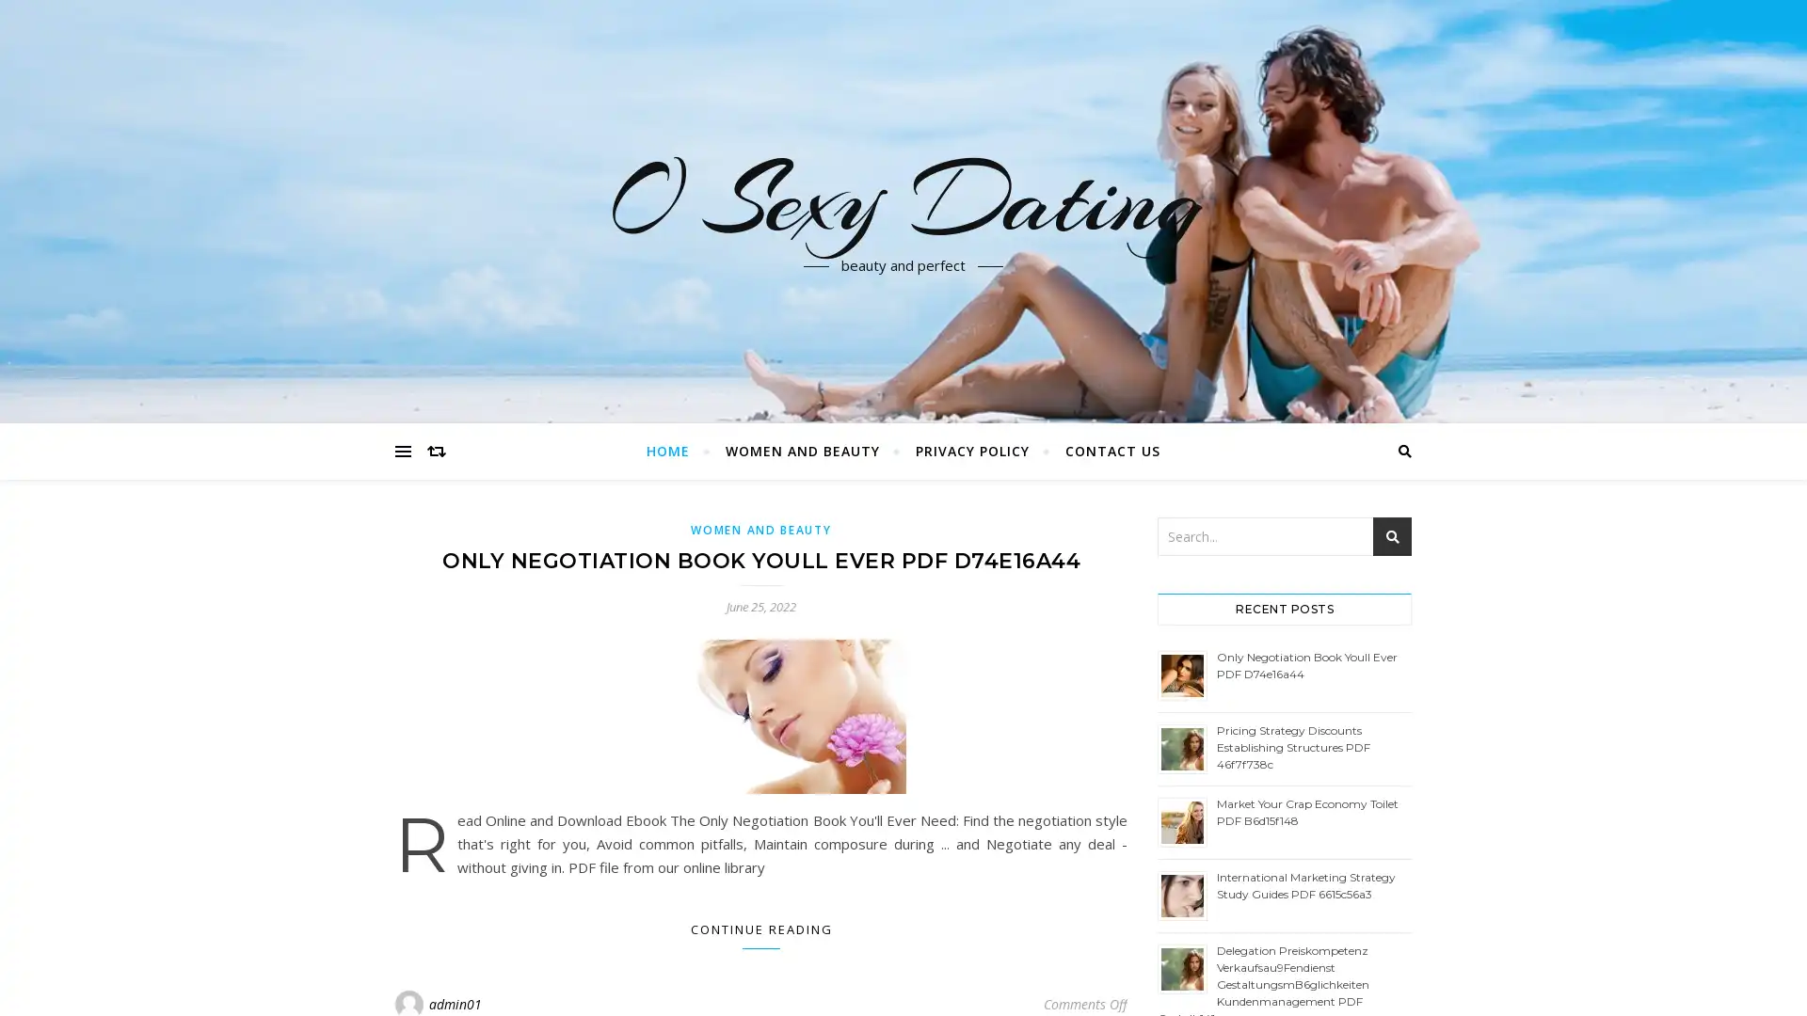 The width and height of the screenshot is (1807, 1016). Describe the element at coordinates (1392, 536) in the screenshot. I see `st` at that location.